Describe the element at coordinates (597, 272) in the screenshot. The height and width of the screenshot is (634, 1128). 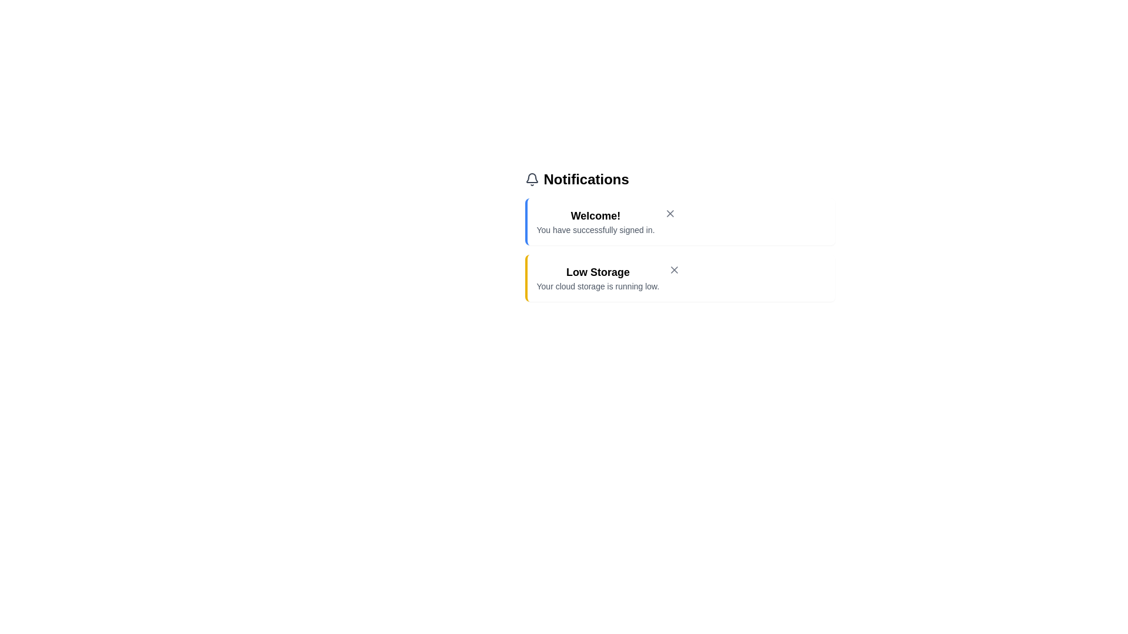
I see `the bold text displaying 'Low Storage' in a large font size located inside the second notification box with a yellow left border` at that location.